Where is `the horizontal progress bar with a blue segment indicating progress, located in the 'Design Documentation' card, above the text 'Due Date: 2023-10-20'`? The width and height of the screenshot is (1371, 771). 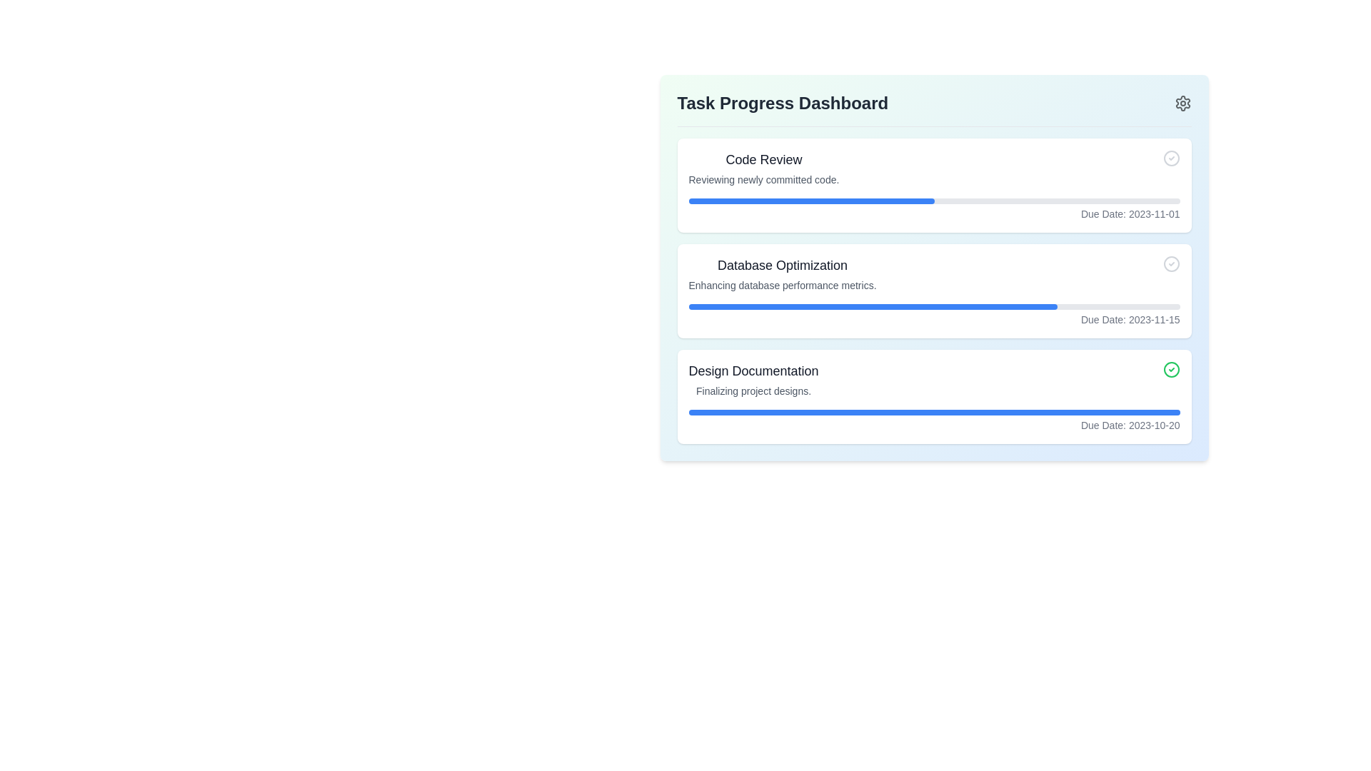 the horizontal progress bar with a blue segment indicating progress, located in the 'Design Documentation' card, above the text 'Due Date: 2023-10-20' is located at coordinates (934, 413).